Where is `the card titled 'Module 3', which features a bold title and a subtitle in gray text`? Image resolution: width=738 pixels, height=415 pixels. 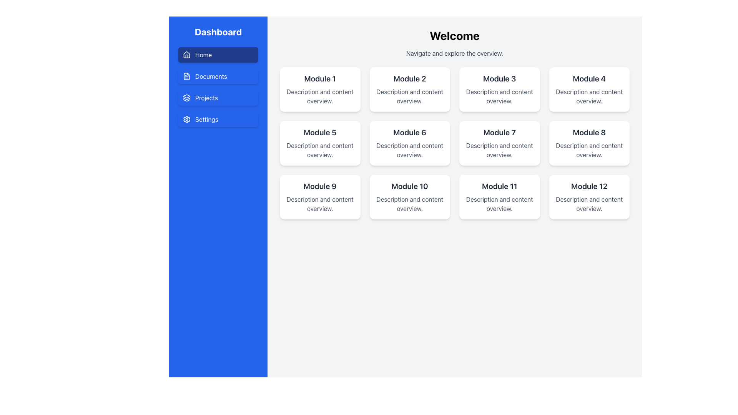 the card titled 'Module 3', which features a bold title and a subtitle in gray text is located at coordinates (499, 89).